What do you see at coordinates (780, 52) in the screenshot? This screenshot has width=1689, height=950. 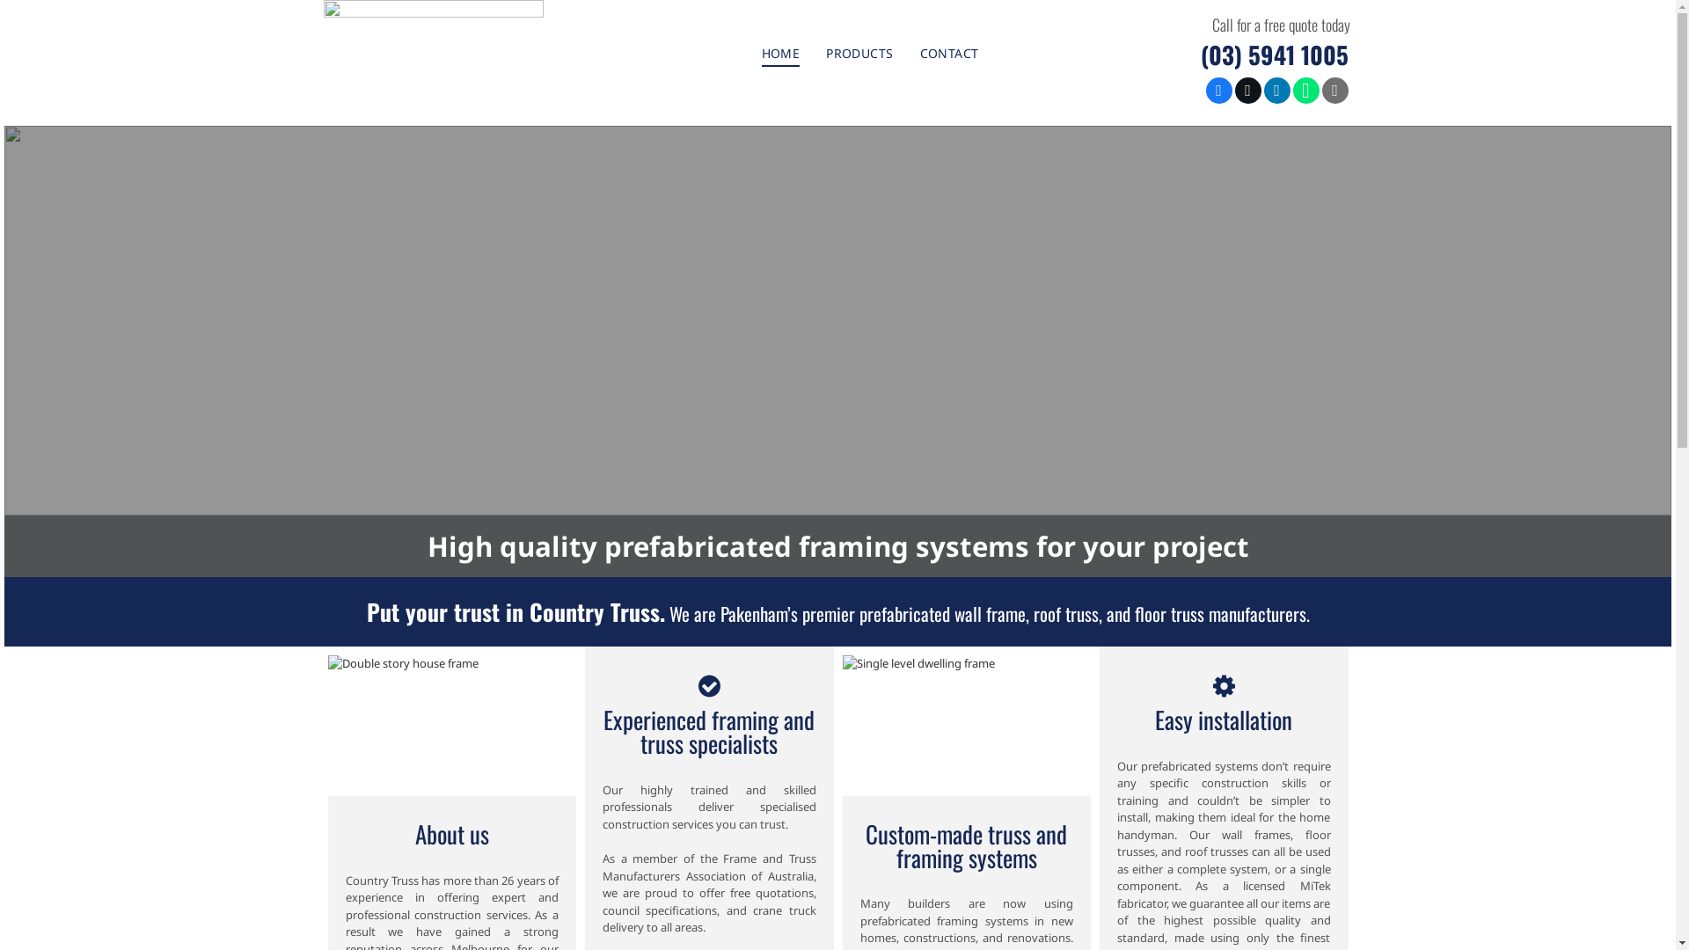 I see `'HOME'` at bounding box center [780, 52].